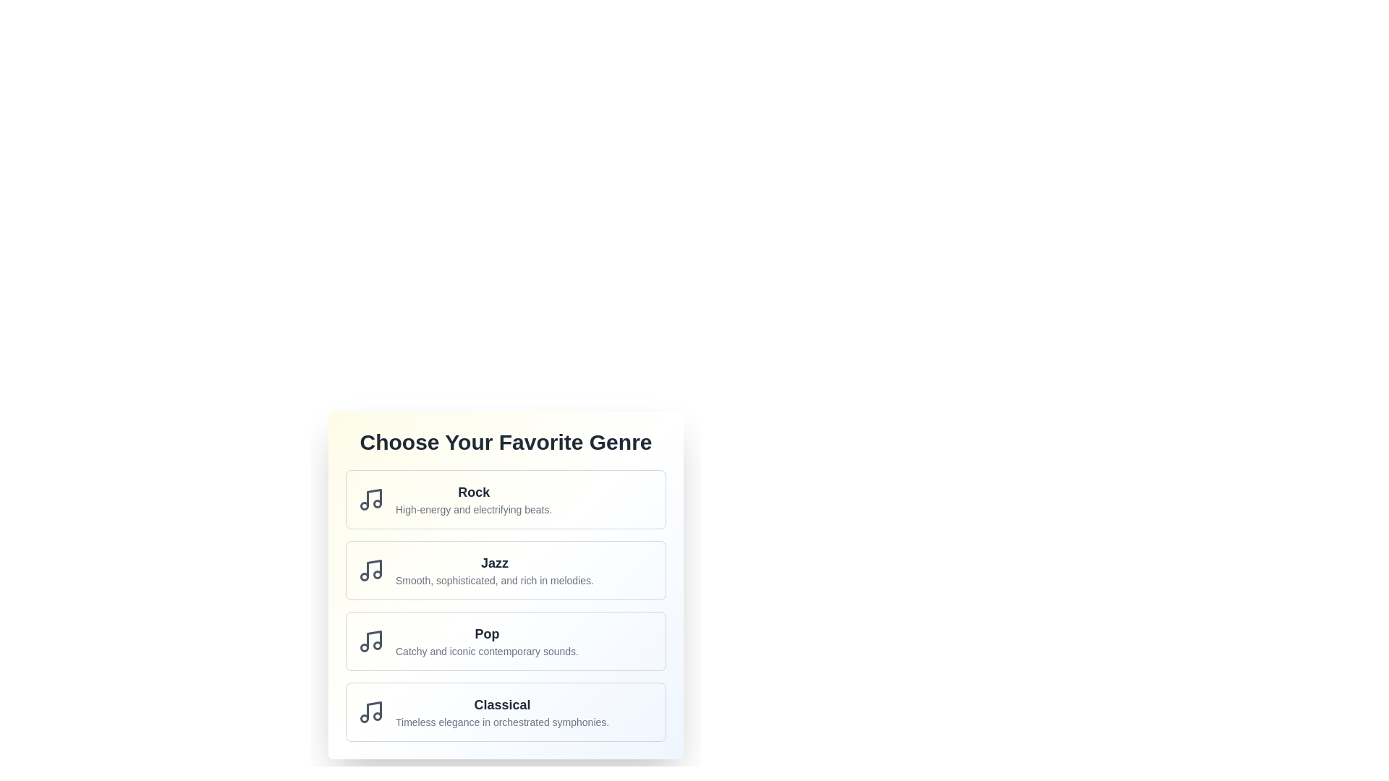  What do you see at coordinates (502, 711) in the screenshot?
I see `the selectable list item titled 'Classical'` at bounding box center [502, 711].